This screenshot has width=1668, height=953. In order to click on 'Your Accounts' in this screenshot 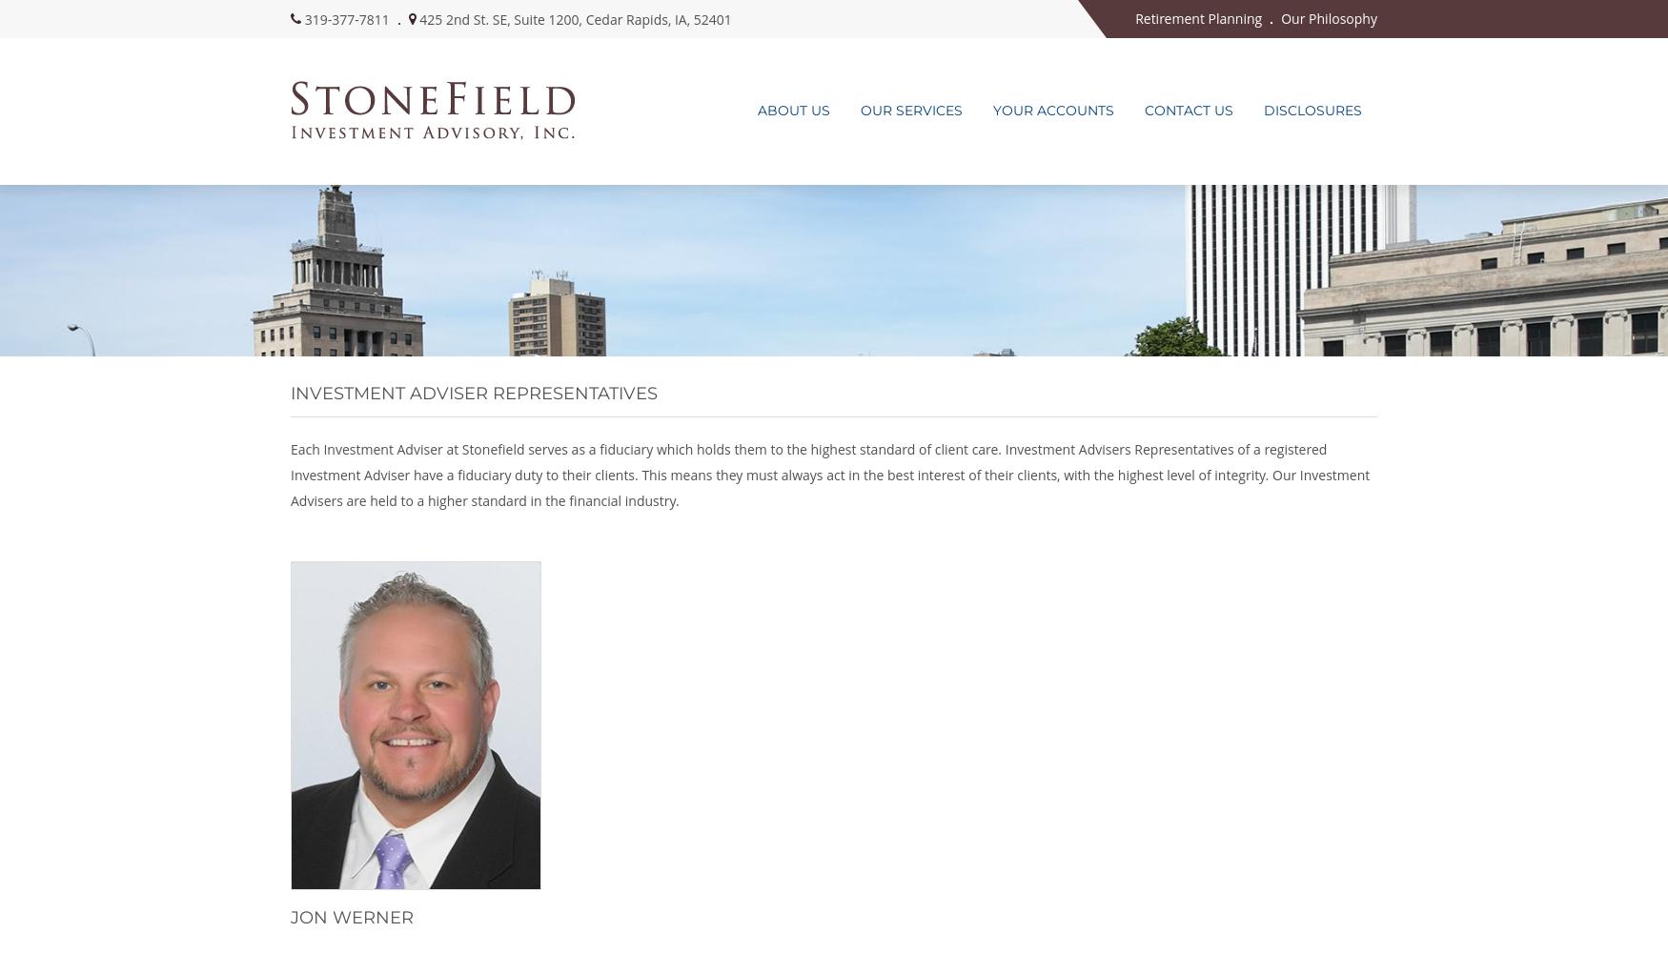, I will do `click(1053, 110)`.